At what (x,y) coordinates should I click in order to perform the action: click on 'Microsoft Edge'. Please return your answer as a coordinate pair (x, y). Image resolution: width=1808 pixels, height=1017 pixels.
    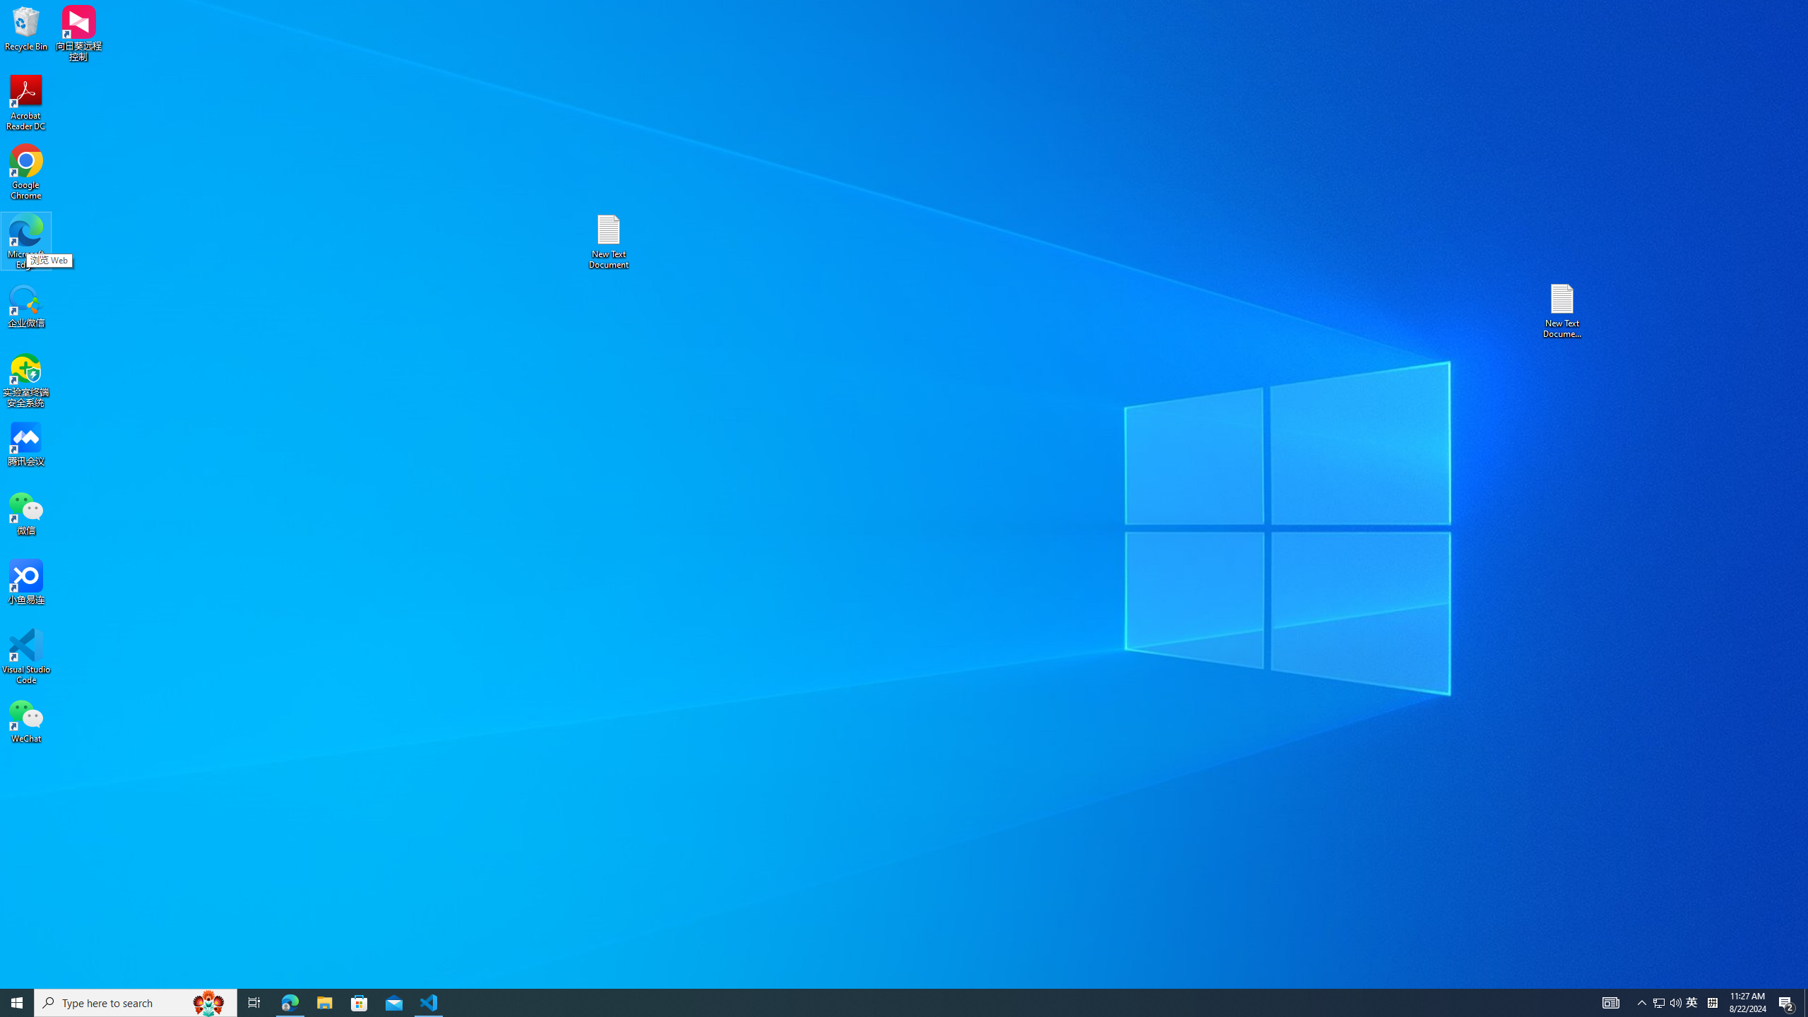
    Looking at the image, I should click on (25, 241).